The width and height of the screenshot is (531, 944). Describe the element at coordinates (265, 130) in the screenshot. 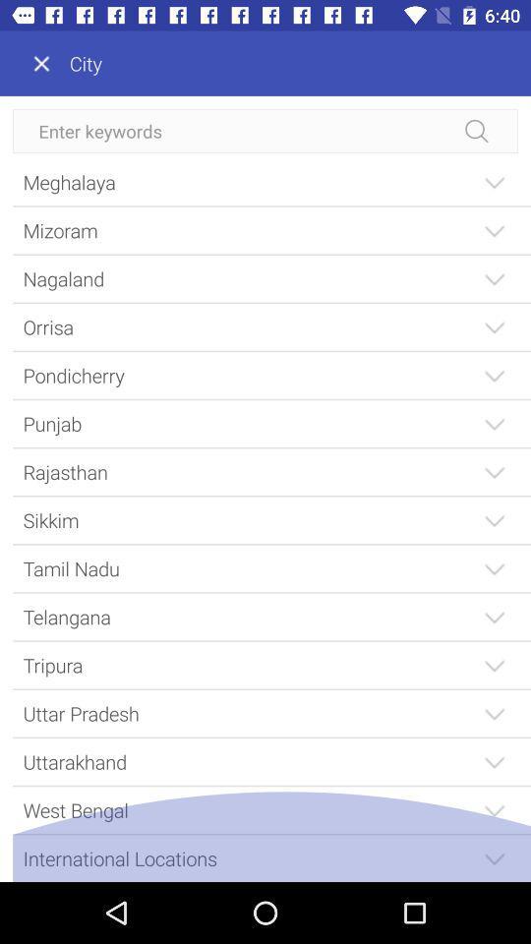

I see `the first text box` at that location.